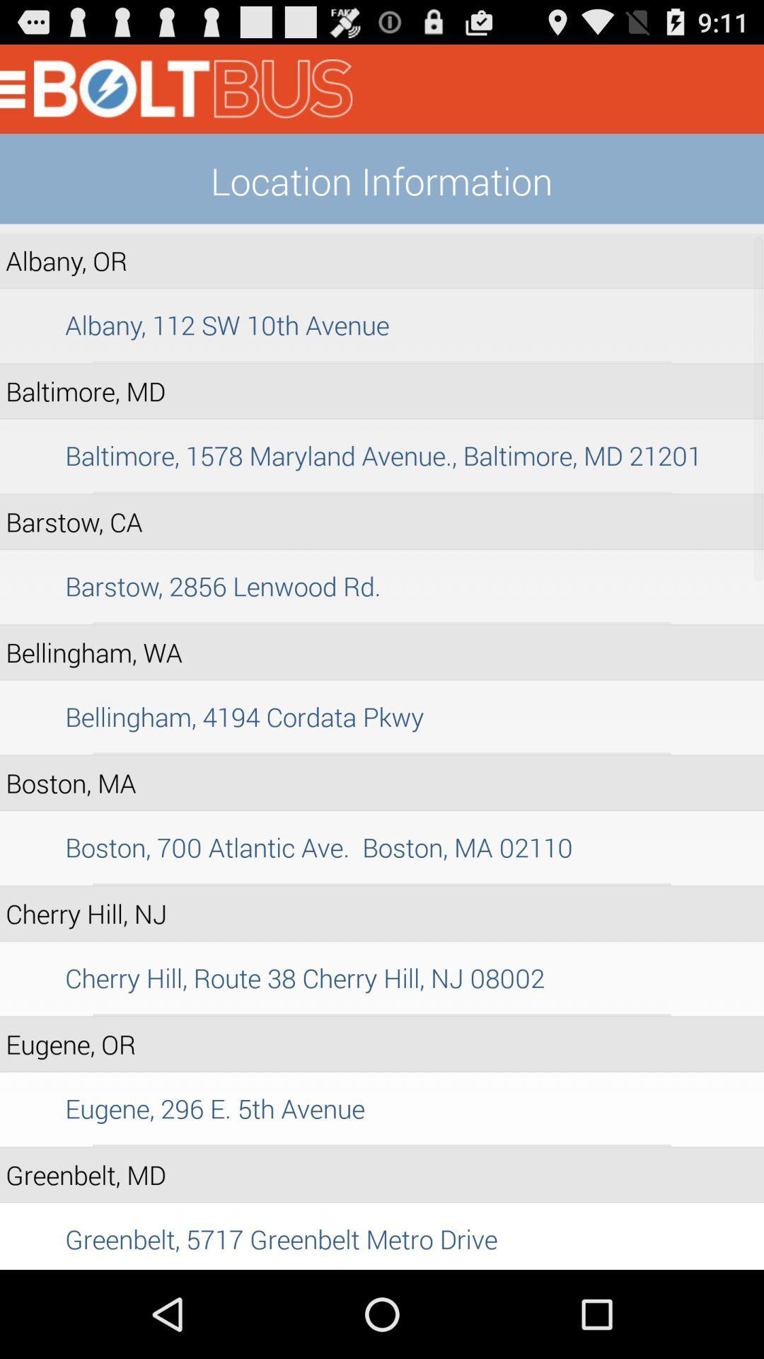 This screenshot has width=764, height=1359. I want to click on icon above the cherry hill, nj item, so click(382, 883).